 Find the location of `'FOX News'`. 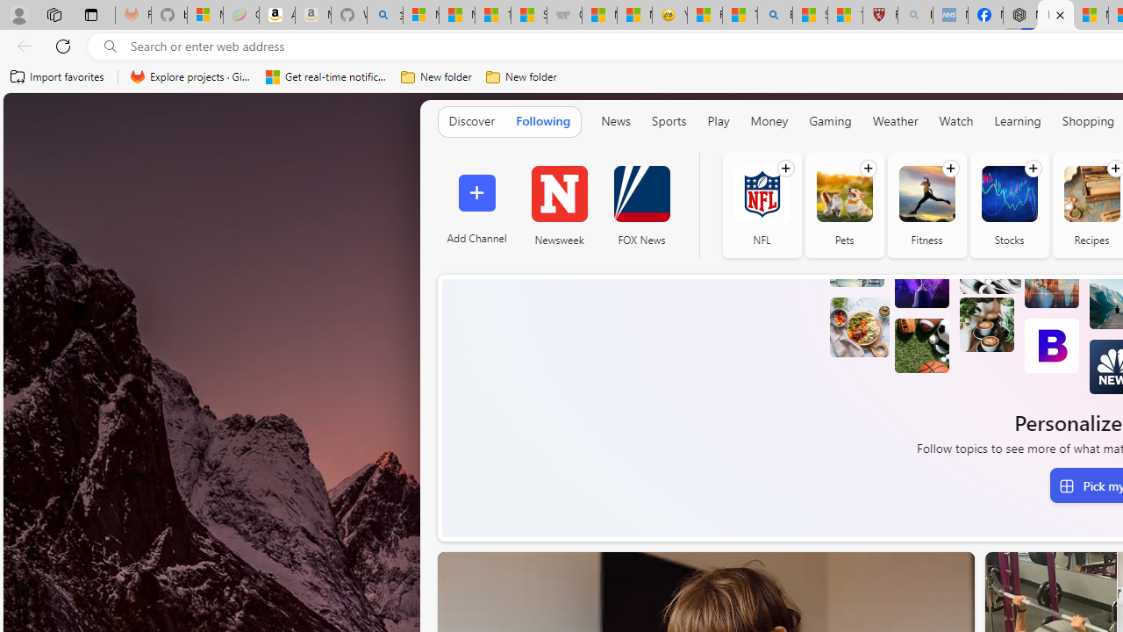

'FOX News' is located at coordinates (640, 193).